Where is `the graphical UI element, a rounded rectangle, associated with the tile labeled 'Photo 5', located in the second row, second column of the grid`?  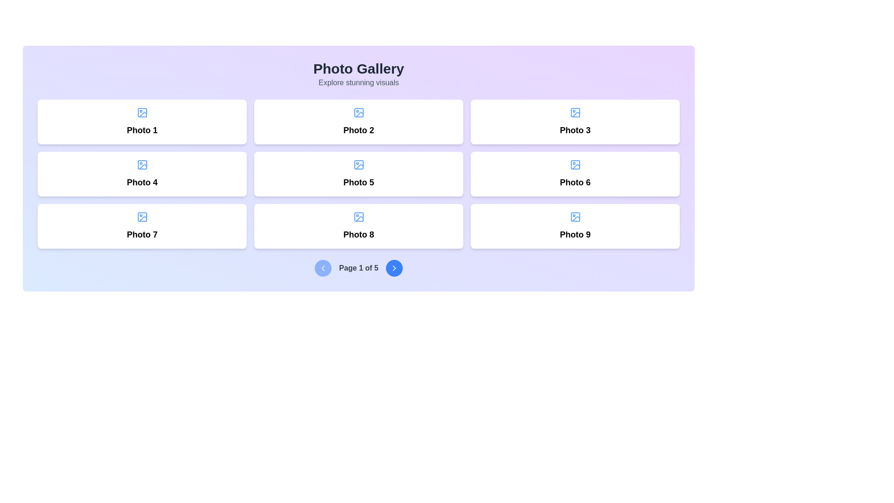 the graphical UI element, a rounded rectangle, associated with the tile labeled 'Photo 5', located in the second row, second column of the grid is located at coordinates (358, 164).